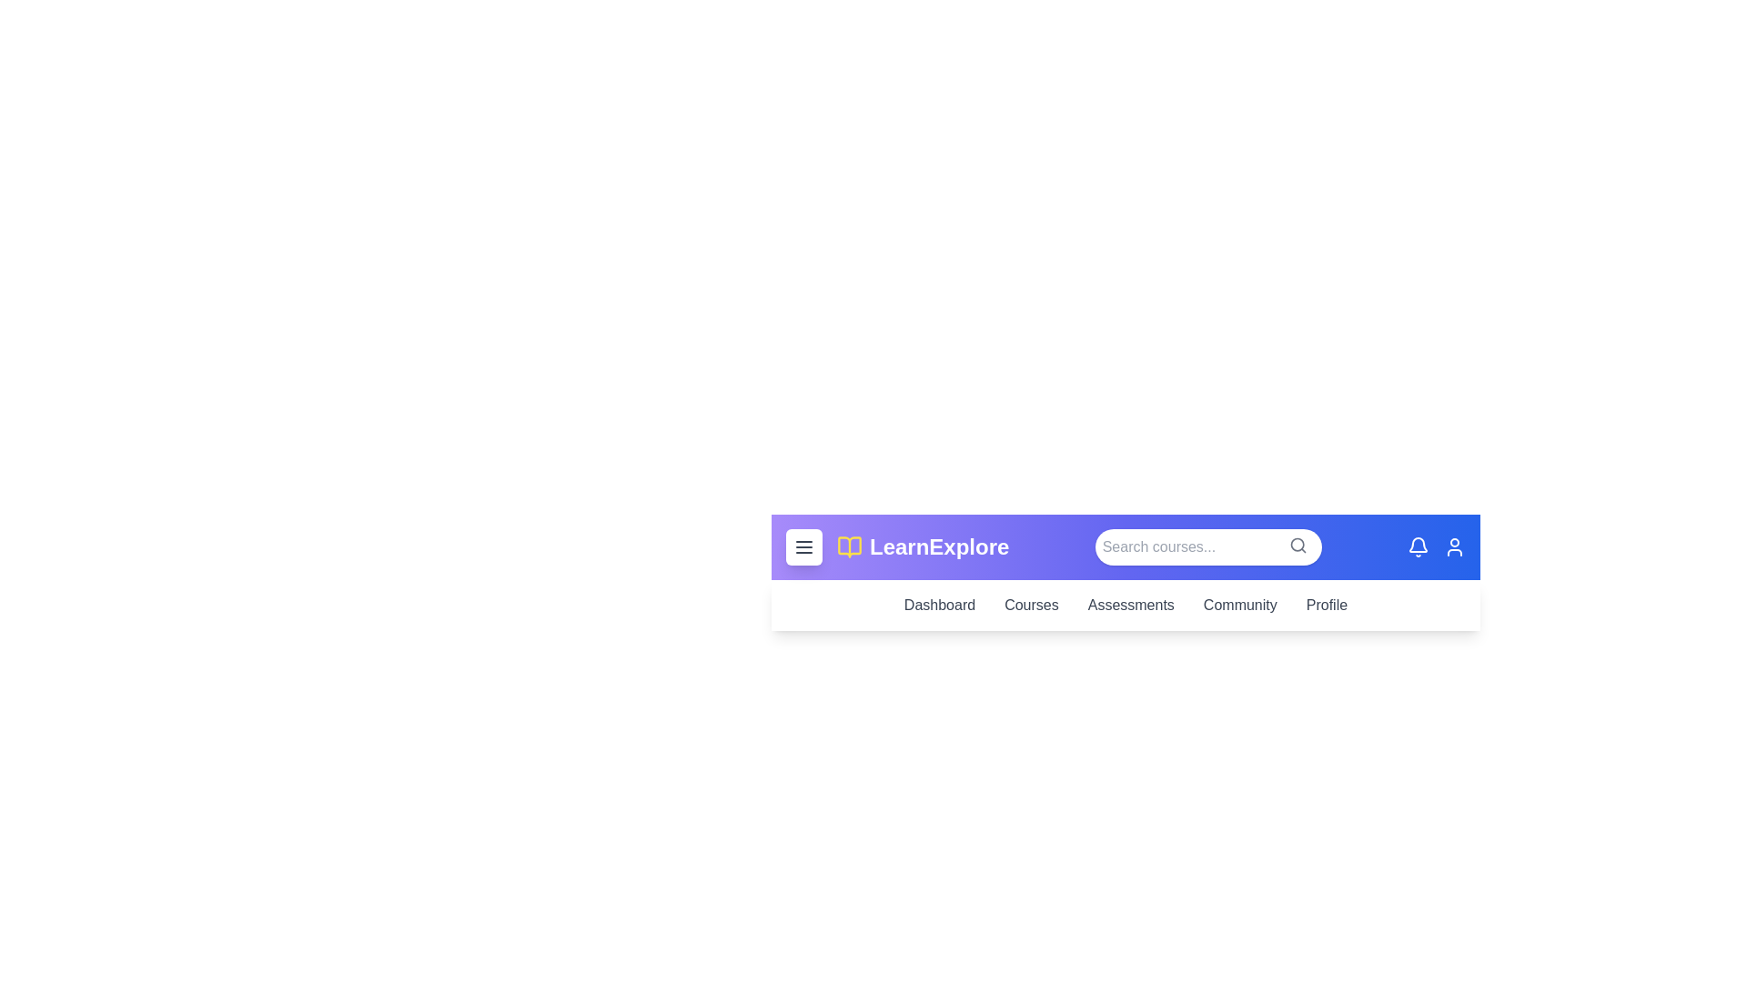 The image size is (1747, 982). I want to click on the menu button to toggle the menu visibility, so click(803, 546).